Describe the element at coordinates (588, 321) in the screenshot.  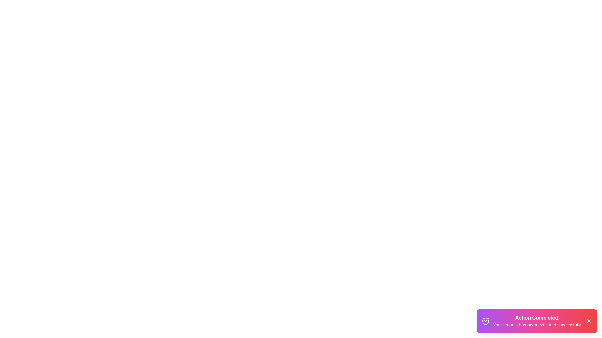
I see `the close icon represented by a minimalist cross symbol located in the bottom-right corner of the notification section` at that location.